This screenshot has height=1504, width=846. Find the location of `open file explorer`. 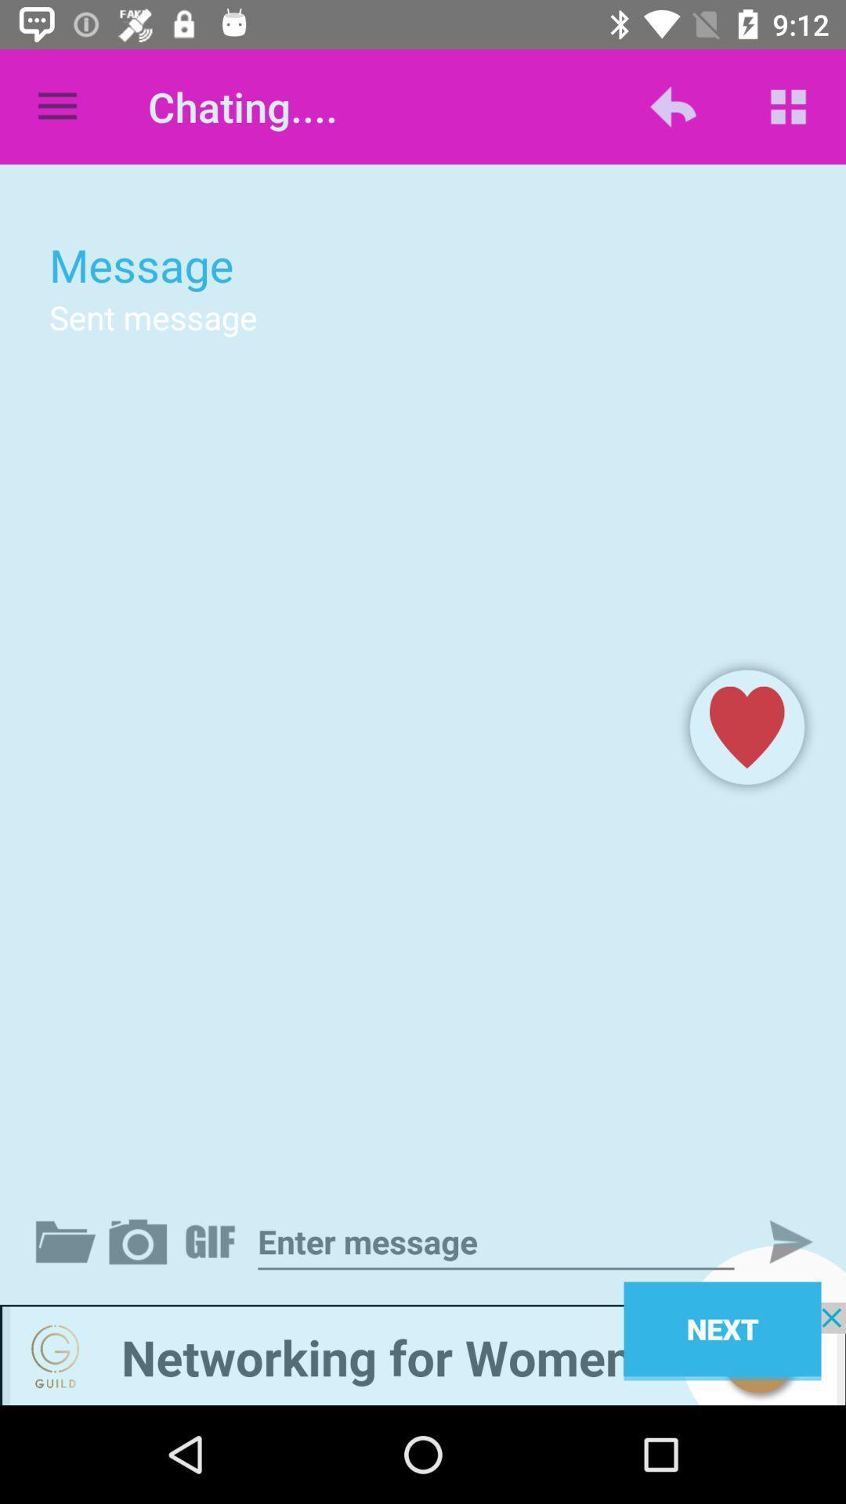

open file explorer is located at coordinates (68, 1241).